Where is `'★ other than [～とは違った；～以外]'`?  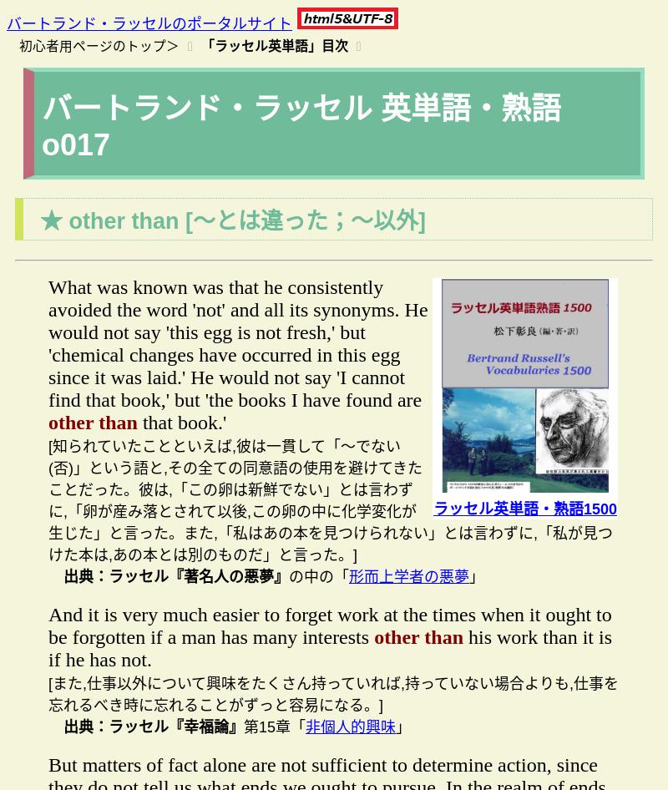
'★ other than [～とは違った；～以外]' is located at coordinates (39, 220).